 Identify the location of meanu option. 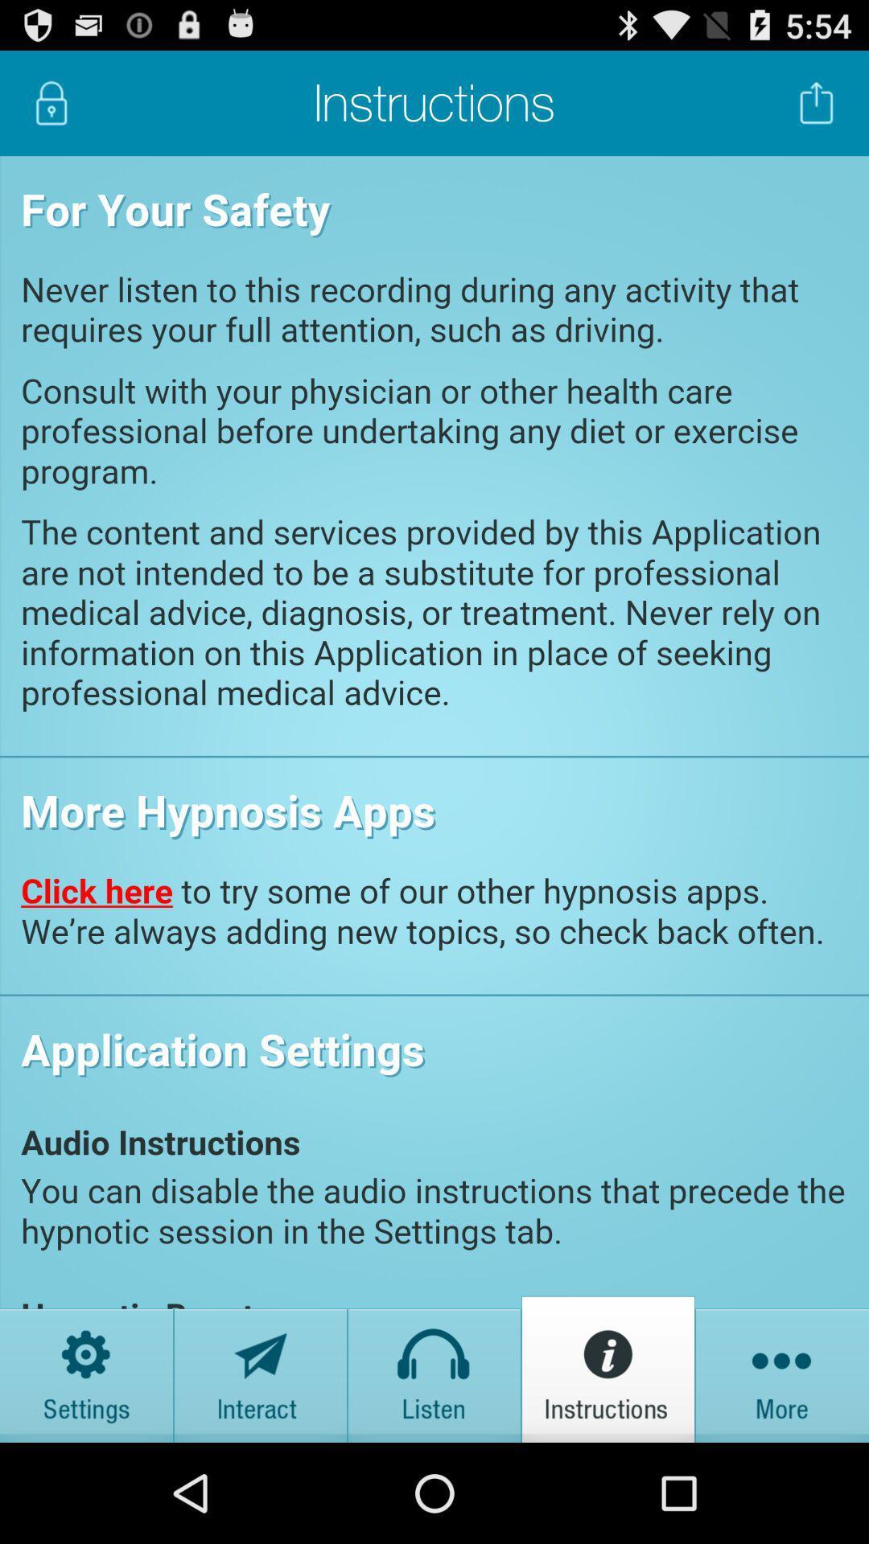
(781, 1368).